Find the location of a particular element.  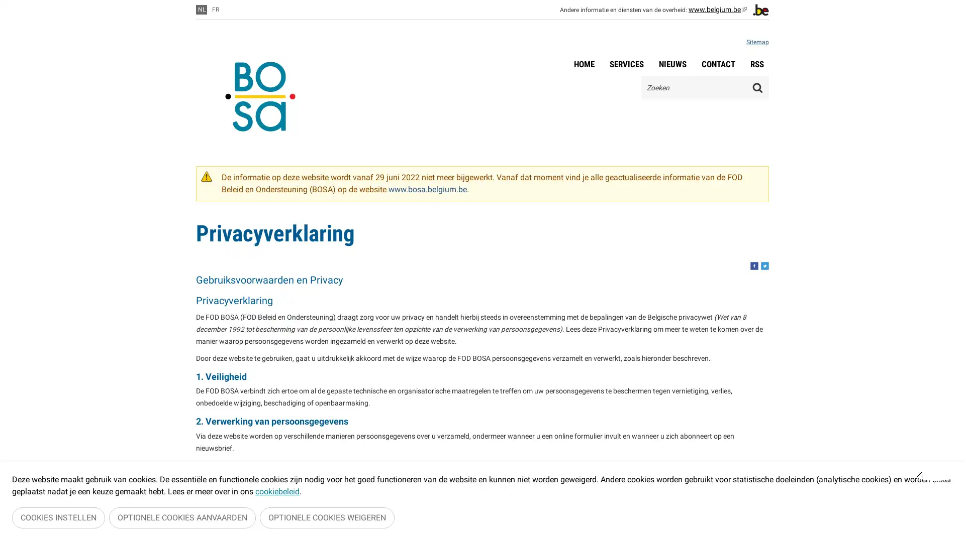

OPTIONELE COOKIES WEIGEREN is located at coordinates (327, 519).